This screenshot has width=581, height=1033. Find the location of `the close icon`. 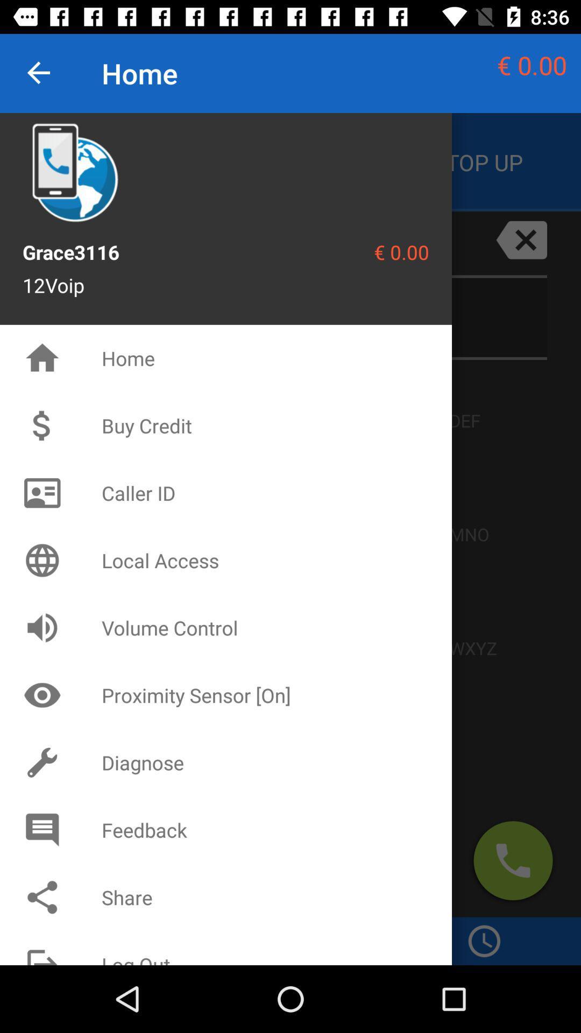

the close icon is located at coordinates (521, 239).